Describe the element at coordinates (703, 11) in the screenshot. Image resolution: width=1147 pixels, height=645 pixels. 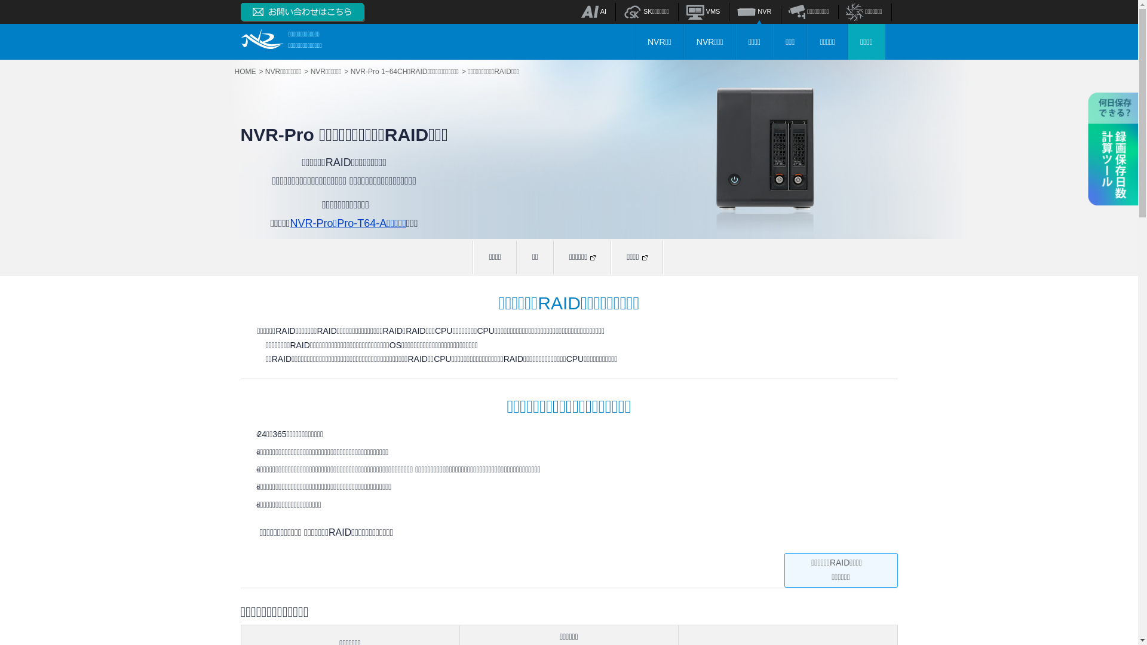
I see `'VMS'` at that location.